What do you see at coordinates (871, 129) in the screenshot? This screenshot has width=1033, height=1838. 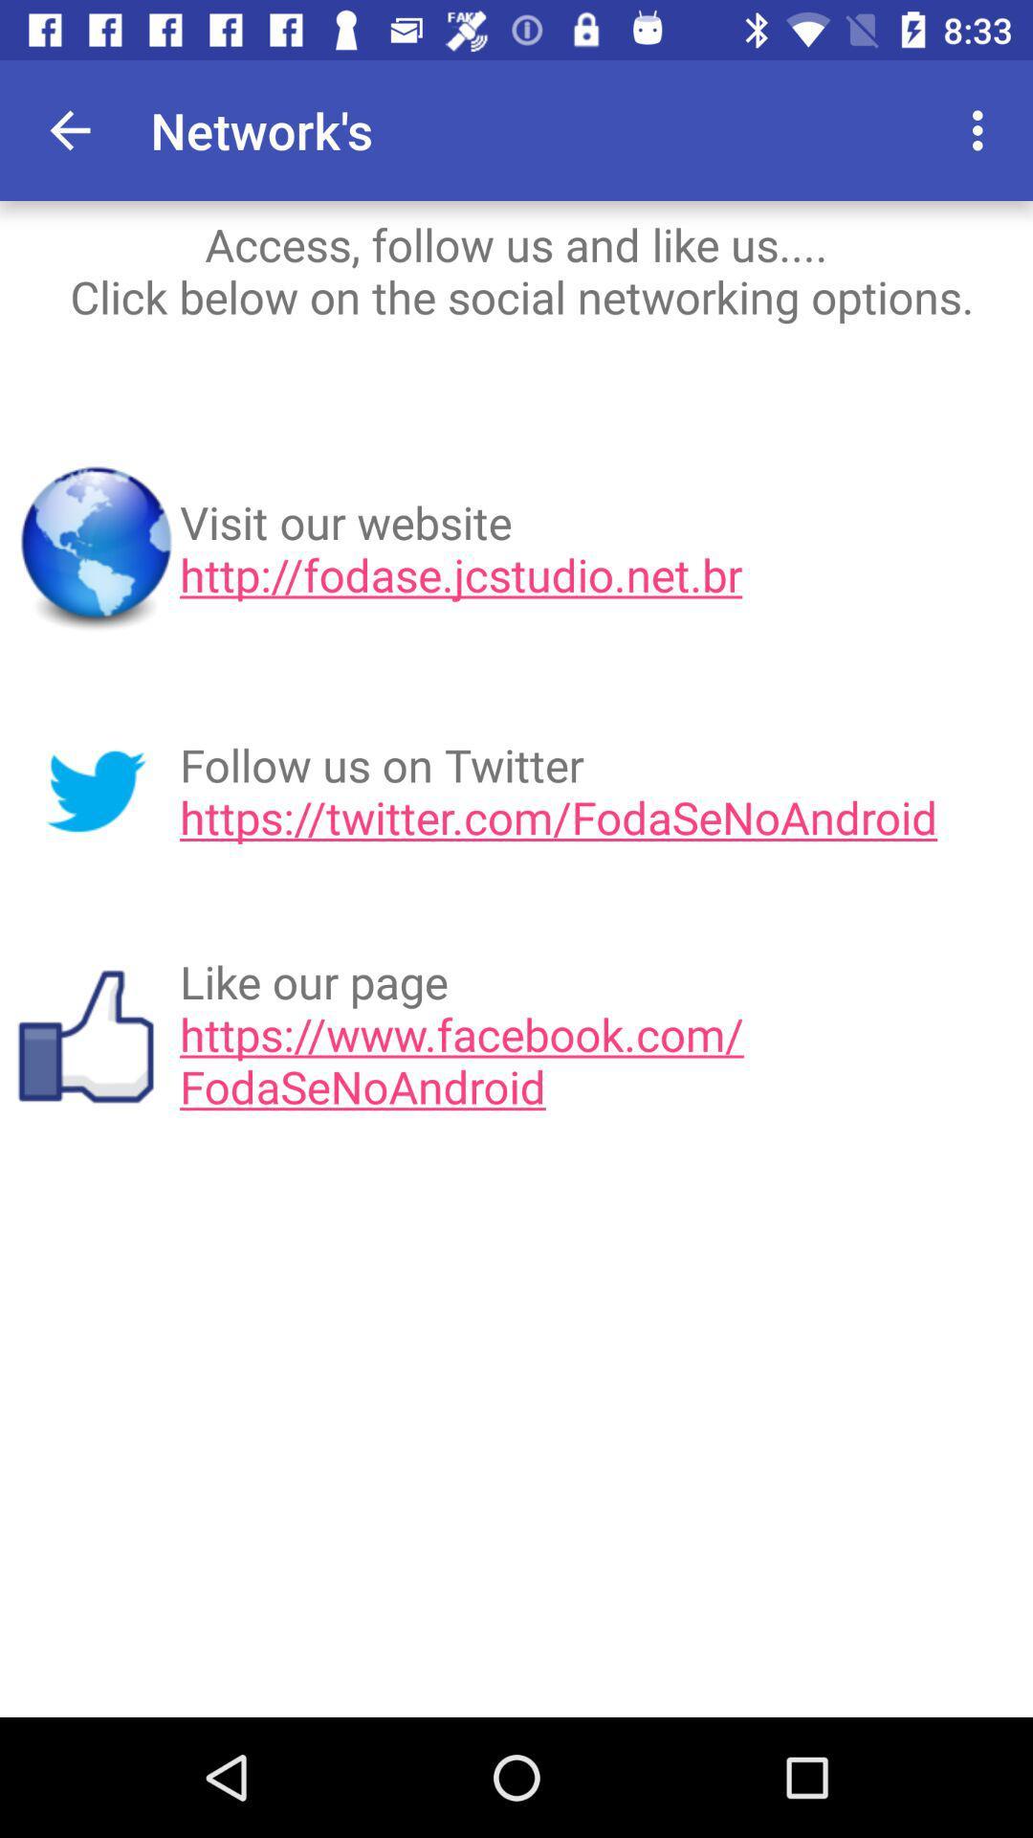 I see `the icon next to network's app` at bounding box center [871, 129].